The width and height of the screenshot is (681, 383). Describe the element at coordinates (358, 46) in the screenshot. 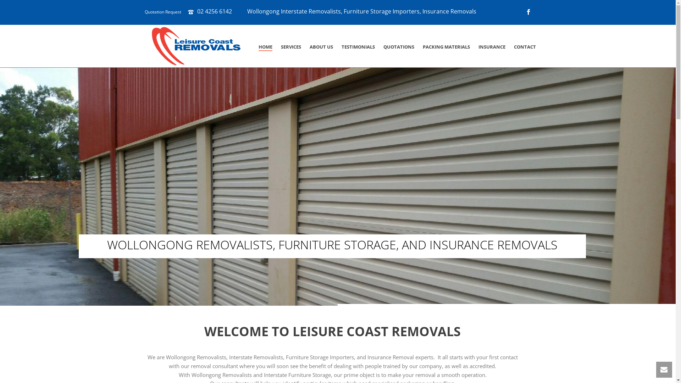

I see `'TESTIMONIALS'` at that location.